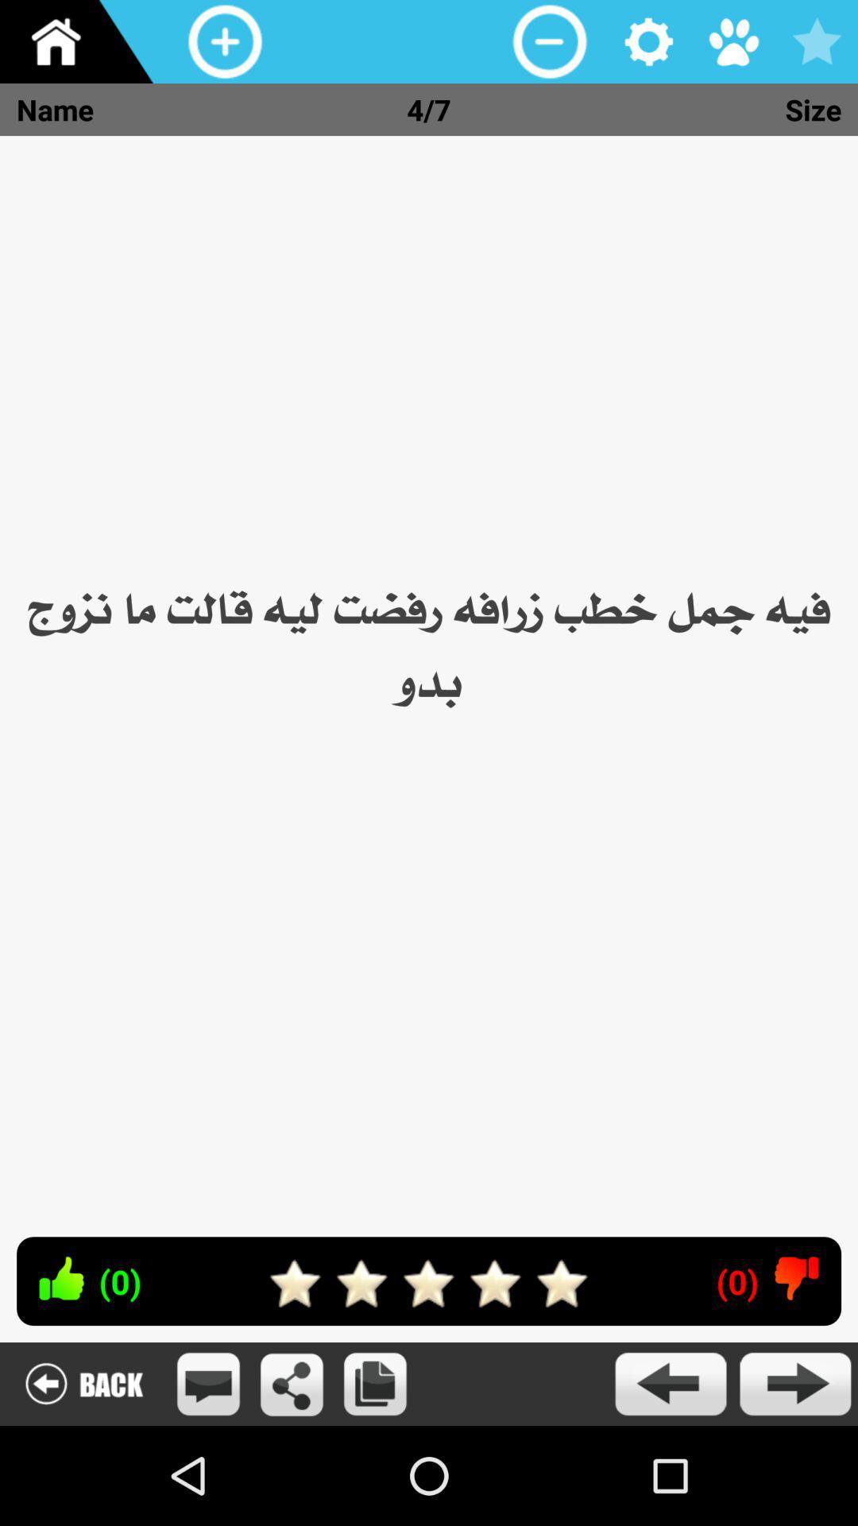 The height and width of the screenshot is (1526, 858). Describe the element at coordinates (292, 1383) in the screenshot. I see `share the page` at that location.